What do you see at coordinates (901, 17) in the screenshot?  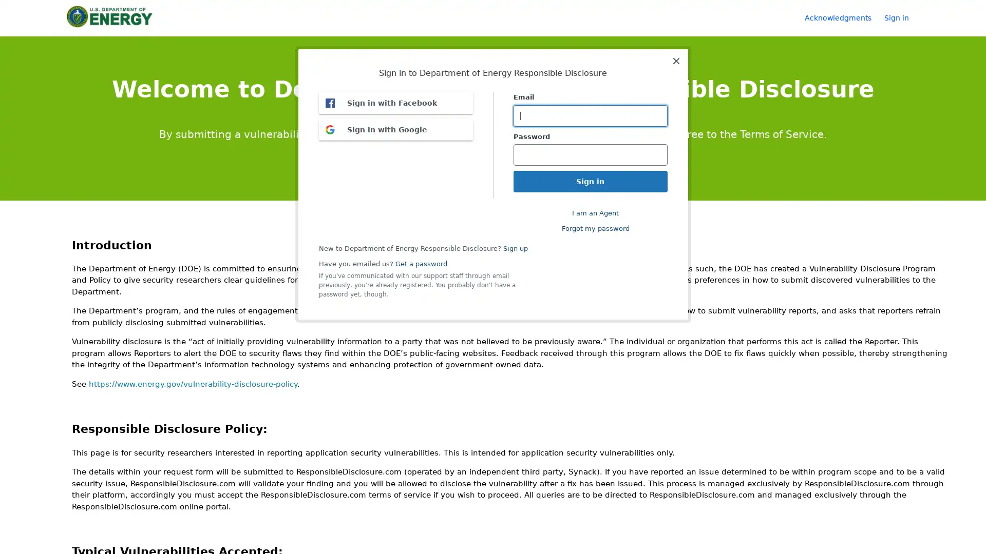 I see `Sign in` at bounding box center [901, 17].